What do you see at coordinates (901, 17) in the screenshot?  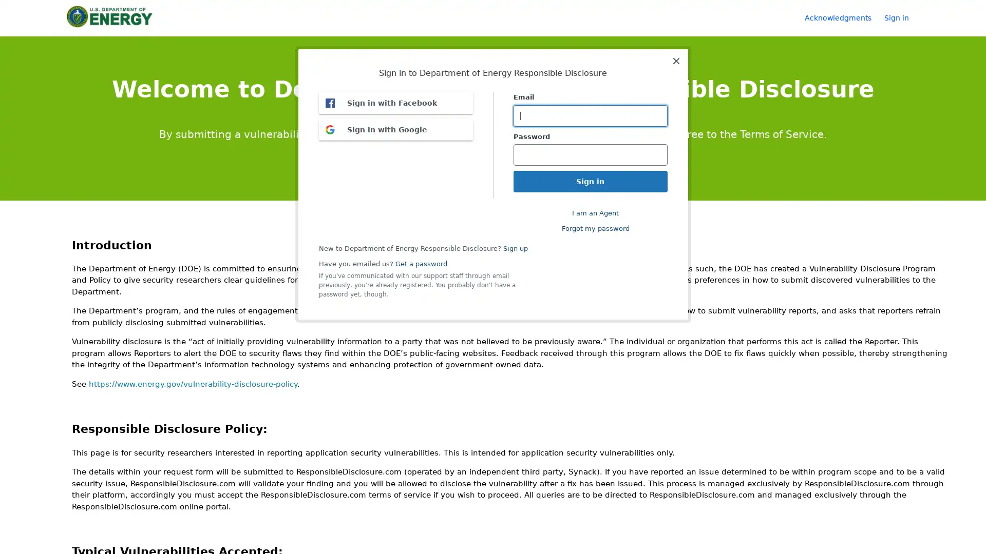 I see `Sign in` at bounding box center [901, 17].